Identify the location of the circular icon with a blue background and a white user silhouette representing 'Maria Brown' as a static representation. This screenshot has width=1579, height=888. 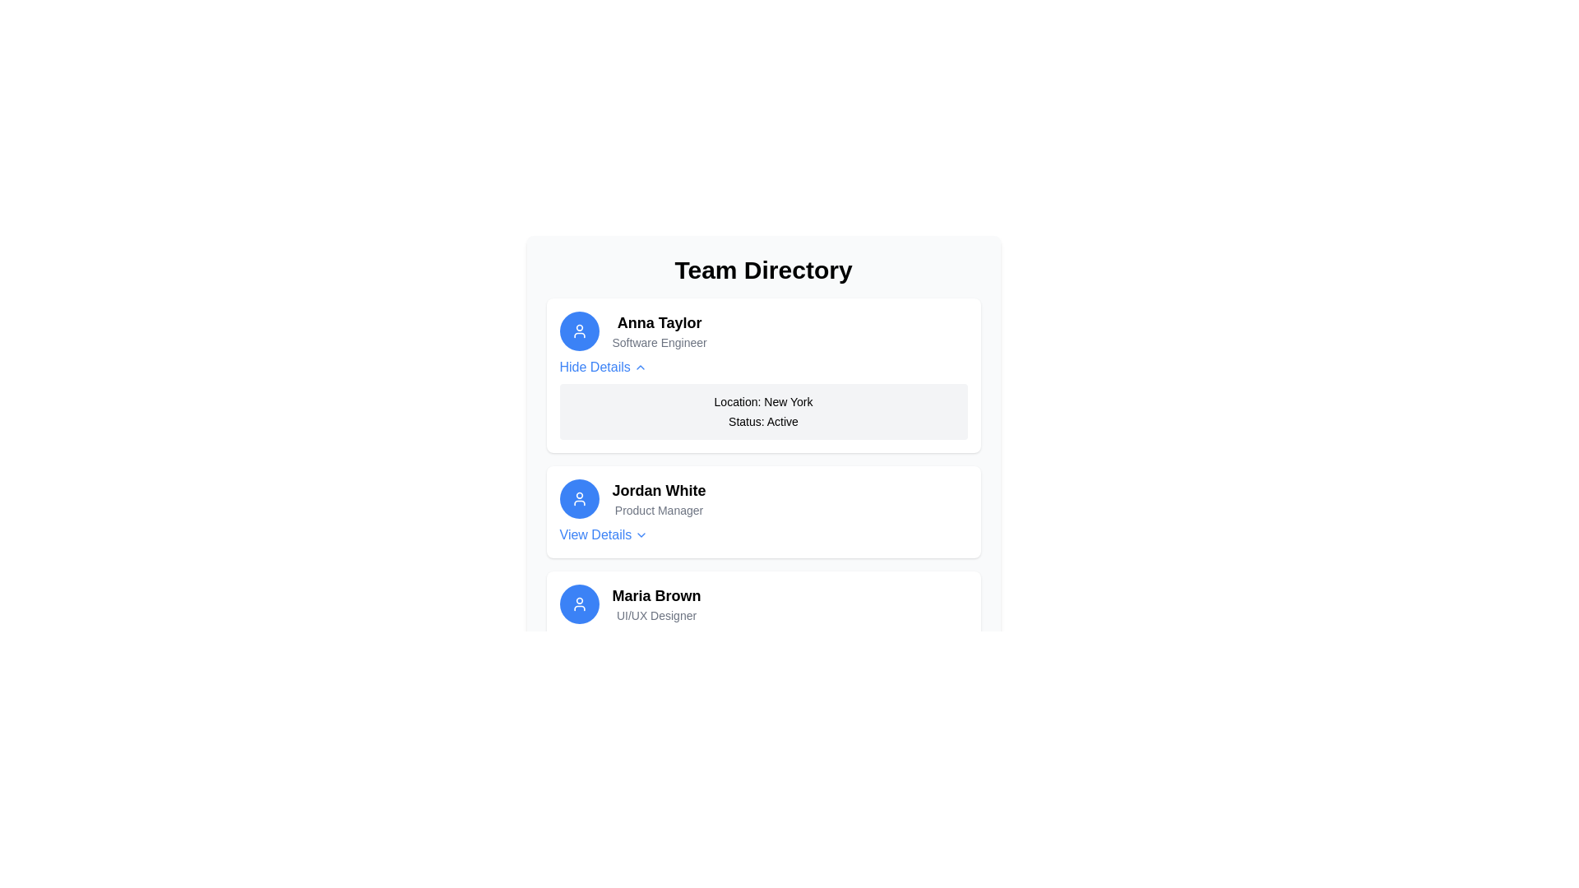
(579, 604).